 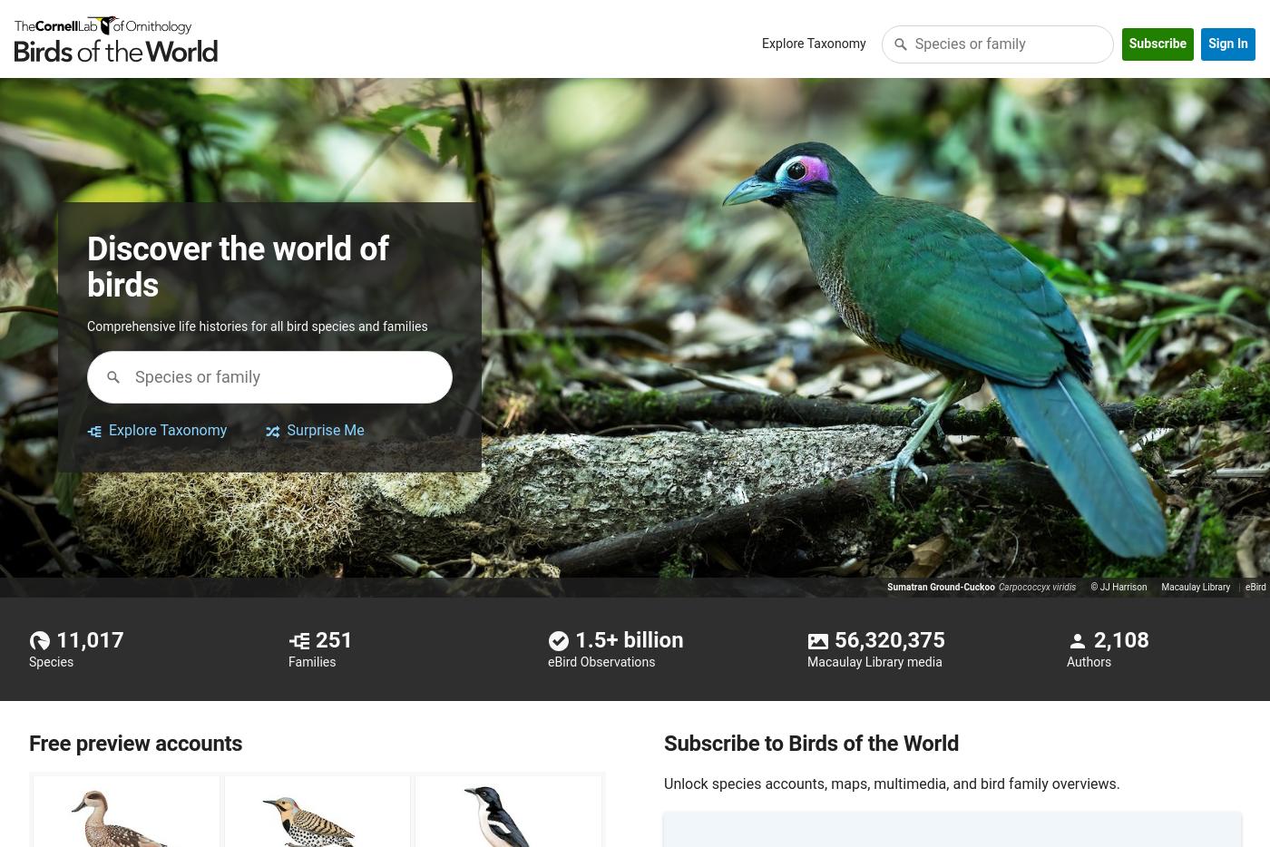 I want to click on '11,017', so click(x=89, y=638).